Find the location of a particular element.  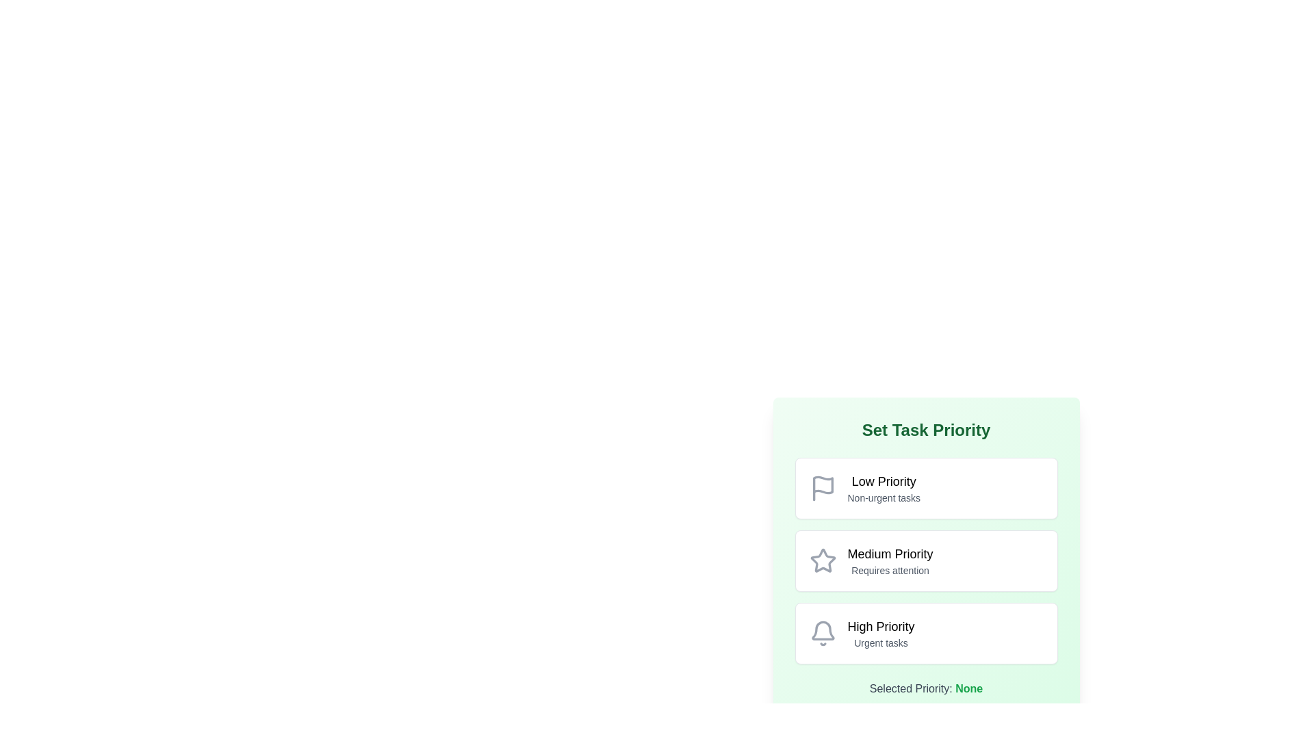

the 'Medium Priority' selectable list item, which has a white background, a large 'Medium Priority' title, and a star icon is located at coordinates (926, 541).